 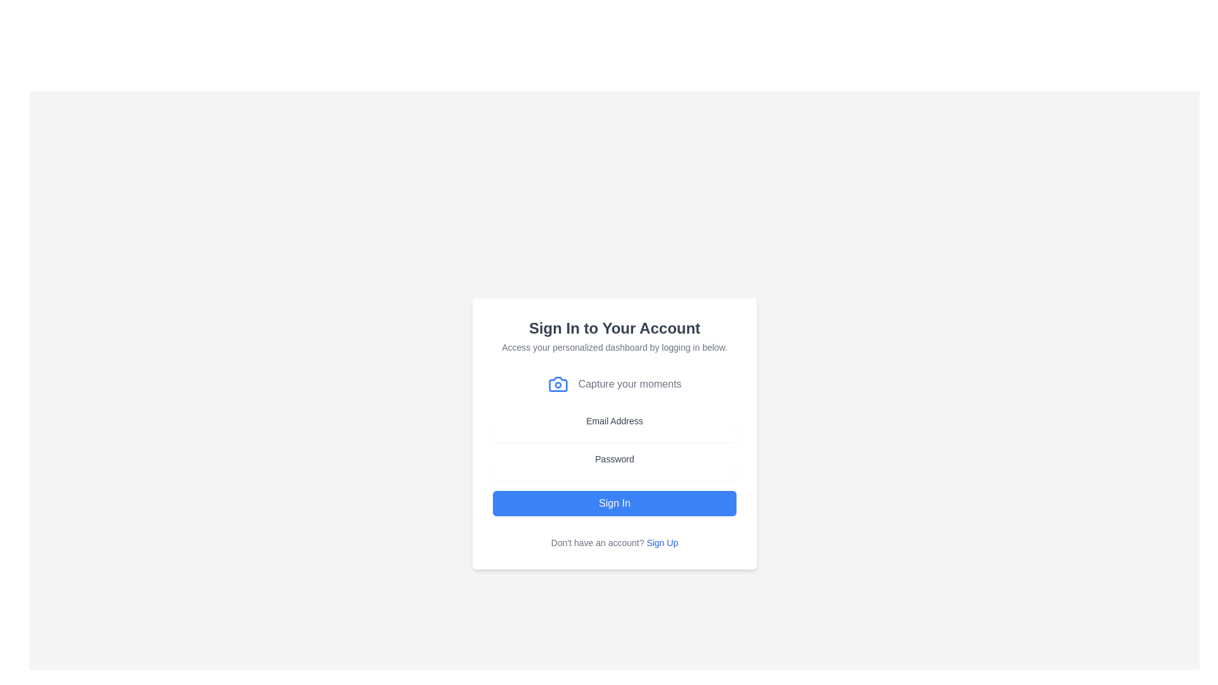 What do you see at coordinates (615, 467) in the screenshot?
I see `the Text Label that guides users to enter their password credentials, located between the 'Email Address' group and the 'Sign In' button` at bounding box center [615, 467].